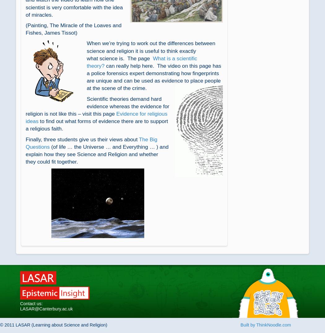 The height and width of the screenshot is (333, 325). What do you see at coordinates (97, 106) in the screenshot?
I see `'Scientific theories demand hard evidence whereas the evidence for religion is not like this – visit this page'` at bounding box center [97, 106].